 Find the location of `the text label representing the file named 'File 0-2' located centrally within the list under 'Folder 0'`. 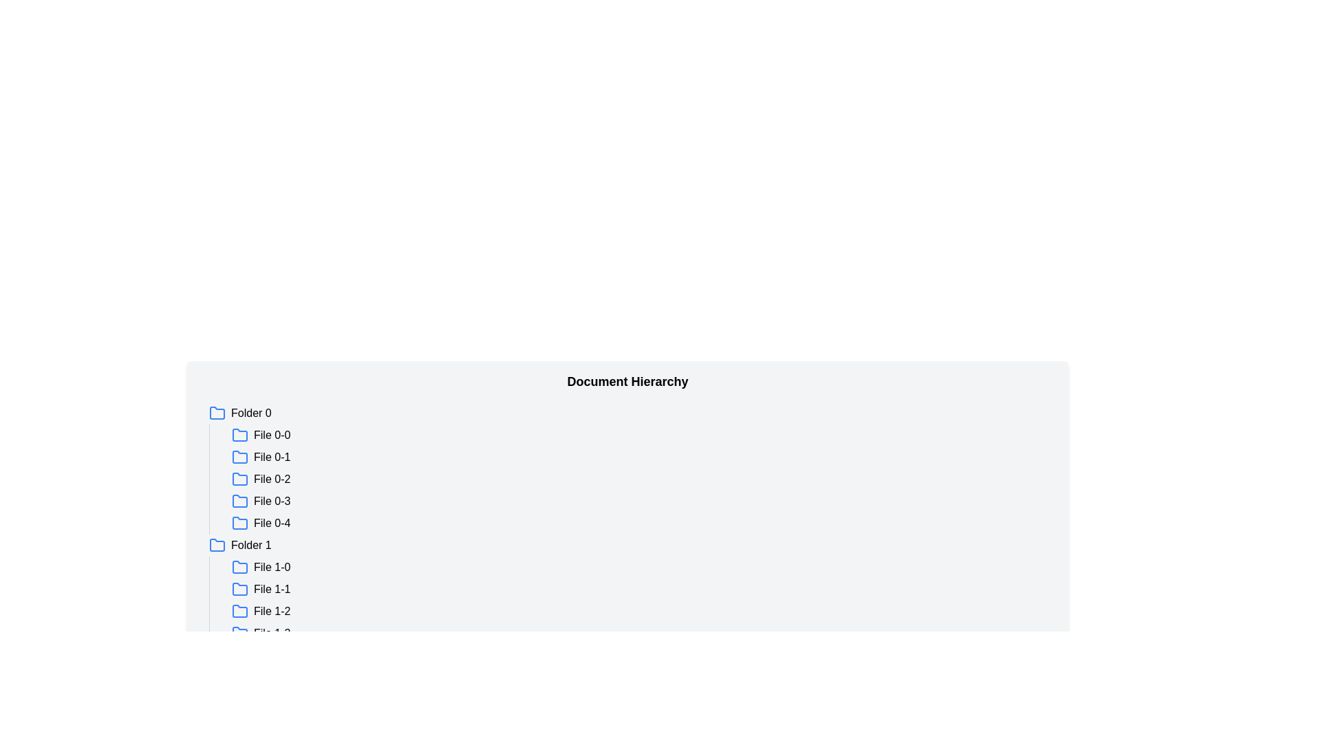

the text label representing the file named 'File 0-2' located centrally within the list under 'Folder 0' is located at coordinates (272, 479).